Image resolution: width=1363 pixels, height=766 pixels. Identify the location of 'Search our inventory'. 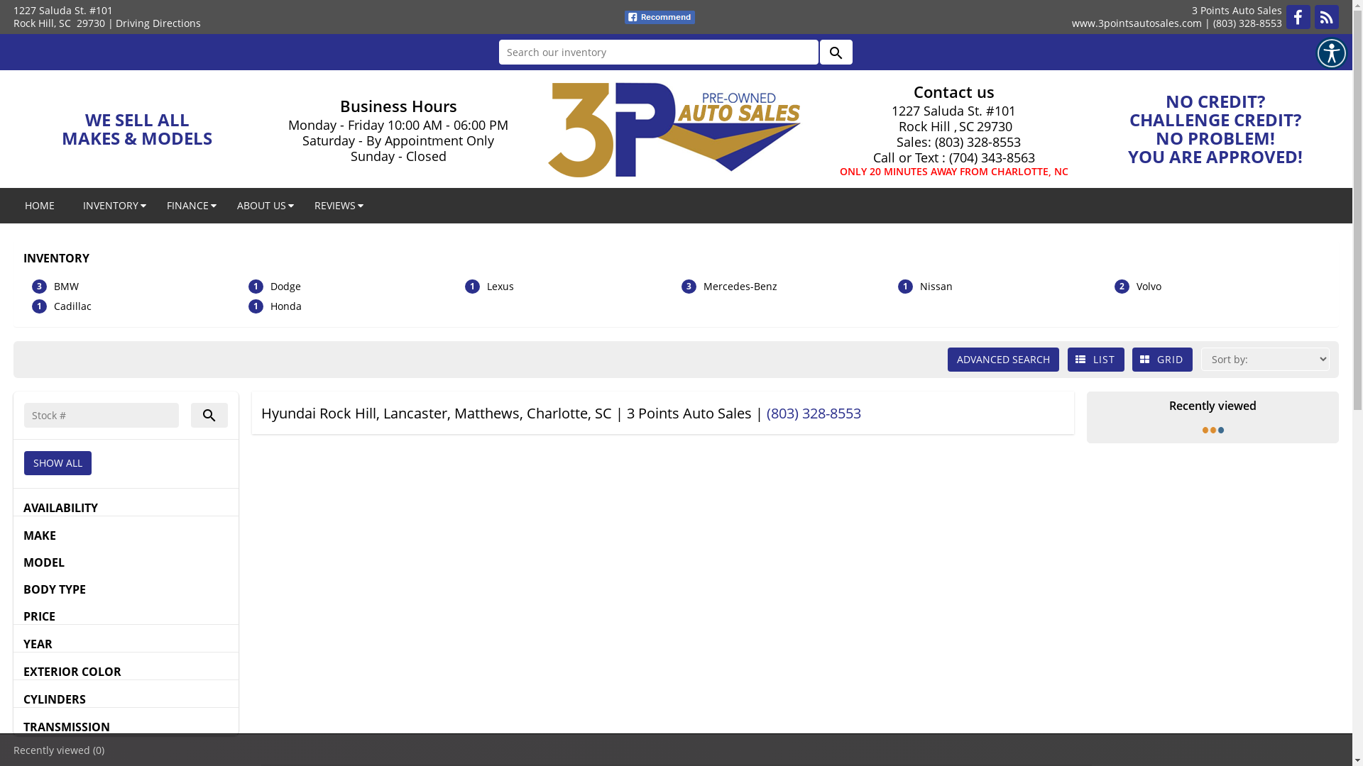
(657, 51).